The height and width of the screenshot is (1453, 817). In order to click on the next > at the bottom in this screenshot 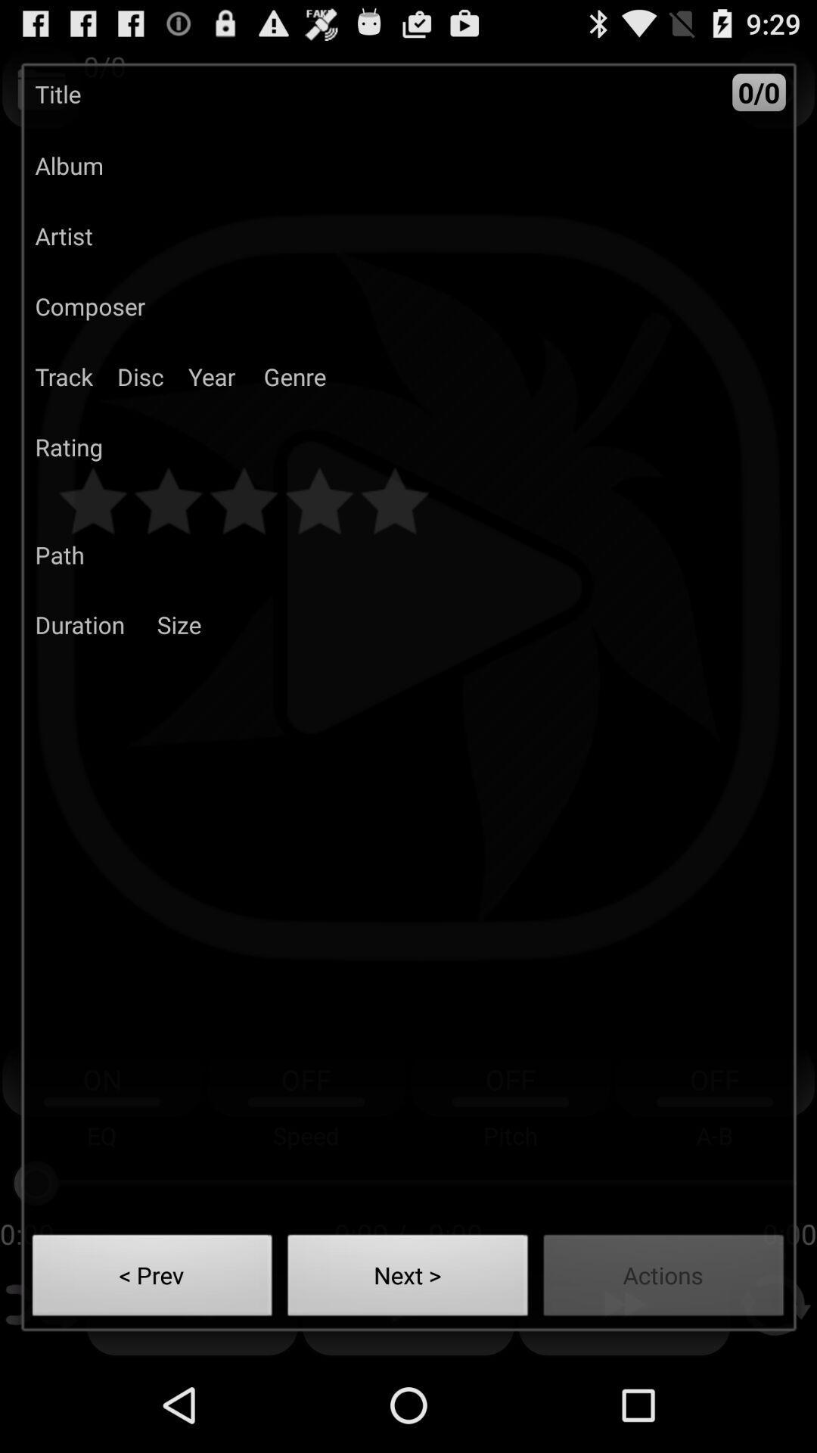, I will do `click(407, 1279)`.